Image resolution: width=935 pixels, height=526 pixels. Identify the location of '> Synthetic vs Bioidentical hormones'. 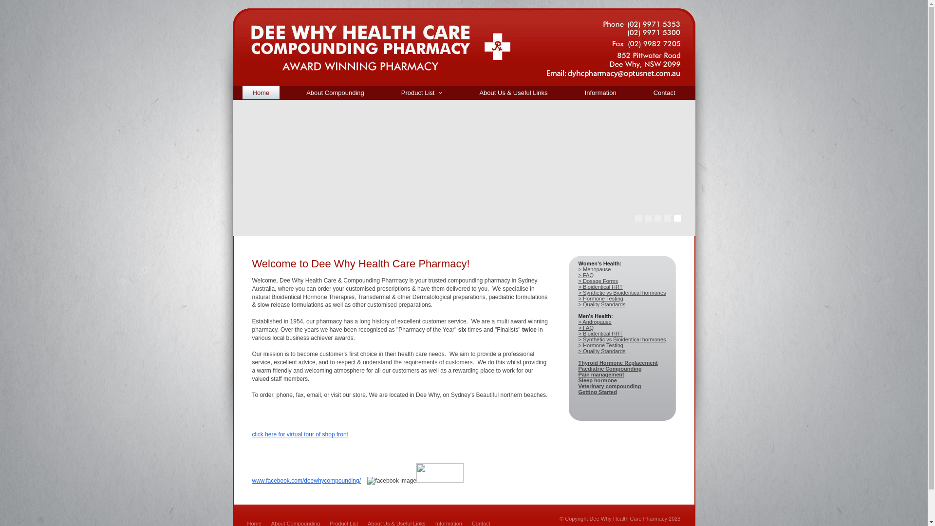
(621, 339).